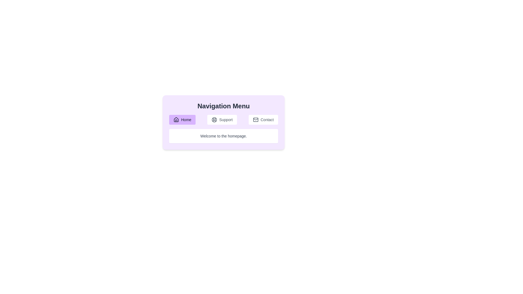 The height and width of the screenshot is (294, 523). I want to click on the house-shaped icon with a minimalistic outline located on the left side of the 'Home' button in the navigation menu, so click(176, 119).